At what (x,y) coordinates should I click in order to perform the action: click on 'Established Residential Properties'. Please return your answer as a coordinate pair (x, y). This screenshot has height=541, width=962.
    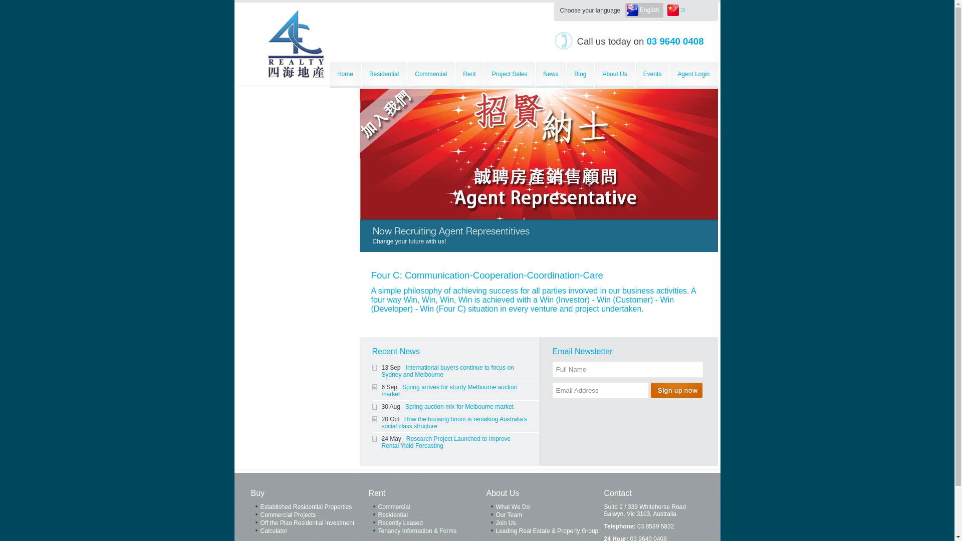
    Looking at the image, I should click on (309, 507).